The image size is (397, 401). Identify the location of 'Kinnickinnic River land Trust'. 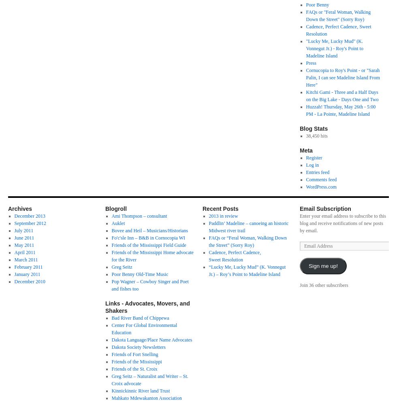
(141, 391).